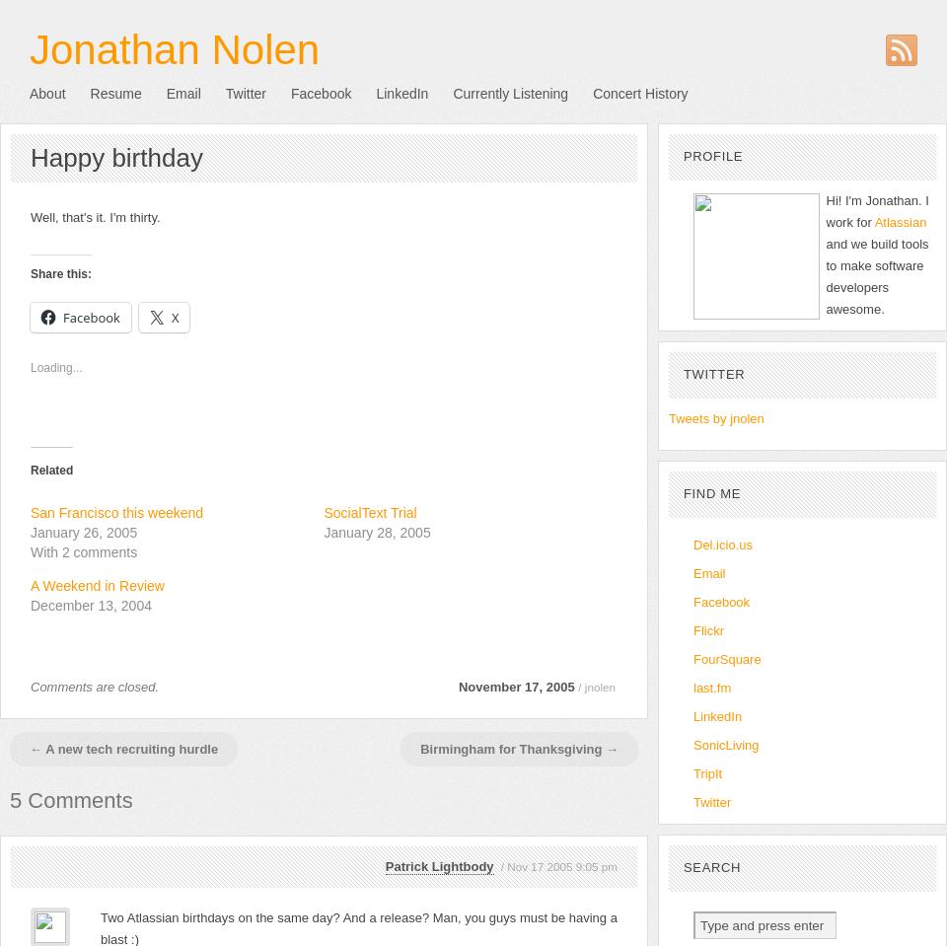  I want to click on 'Profile', so click(711, 155).